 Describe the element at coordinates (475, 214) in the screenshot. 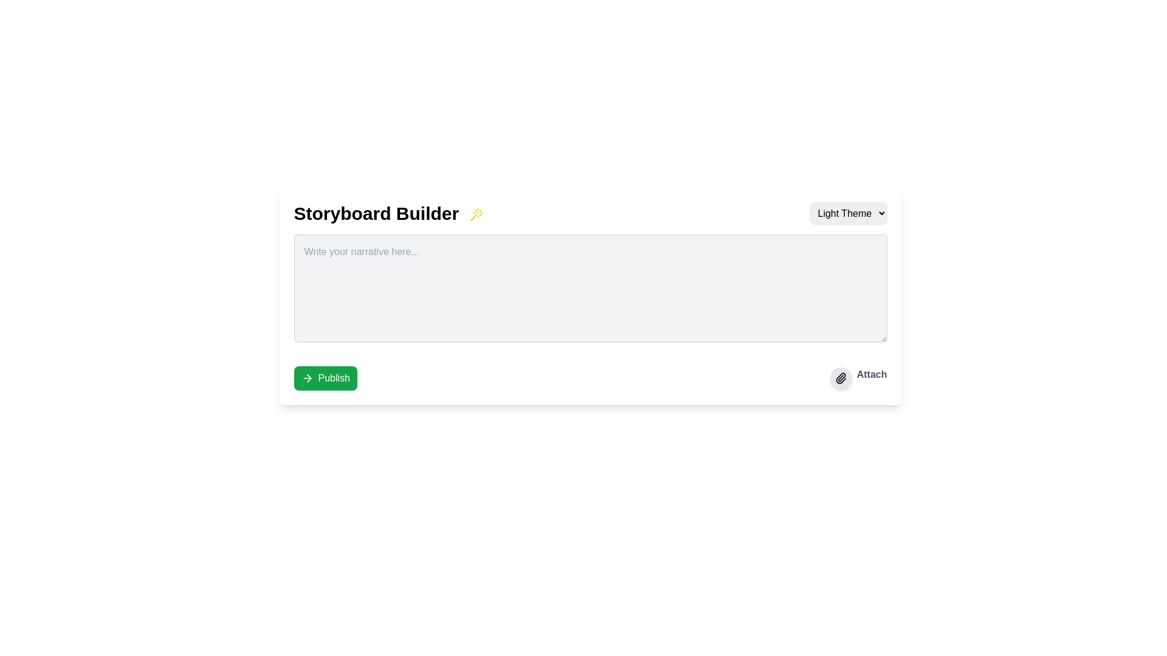

I see `the yellow wand icon located inline with the text 'Storyboard Builder' at the specified coordinates` at that location.